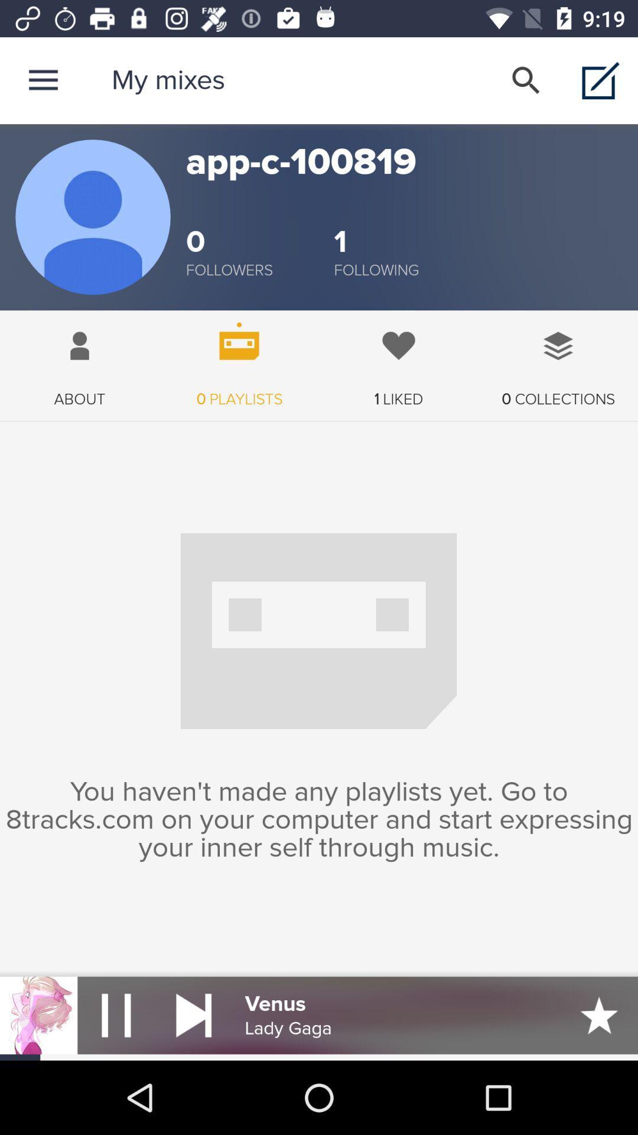  Describe the element at coordinates (399, 359) in the screenshot. I see `app next to the 0 collections` at that location.